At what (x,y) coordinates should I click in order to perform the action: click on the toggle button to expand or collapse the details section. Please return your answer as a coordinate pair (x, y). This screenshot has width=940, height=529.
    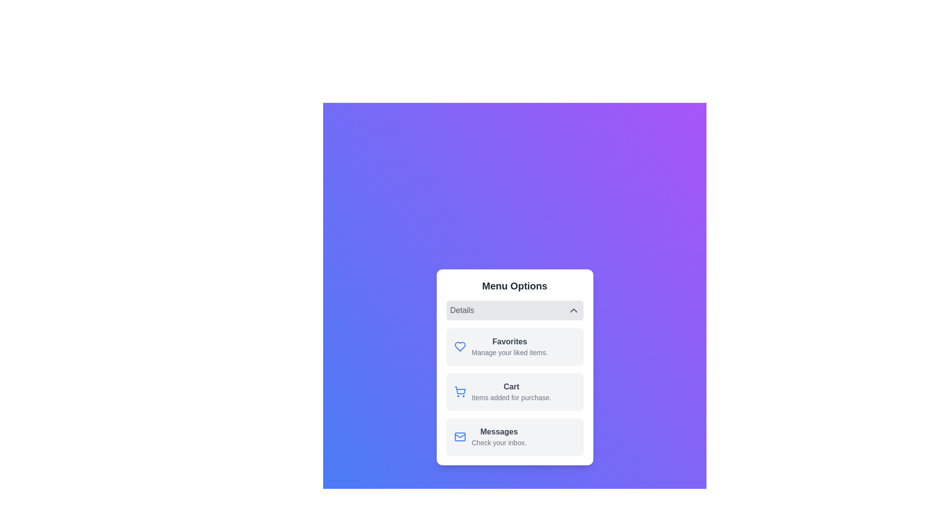
    Looking at the image, I should click on (514, 310).